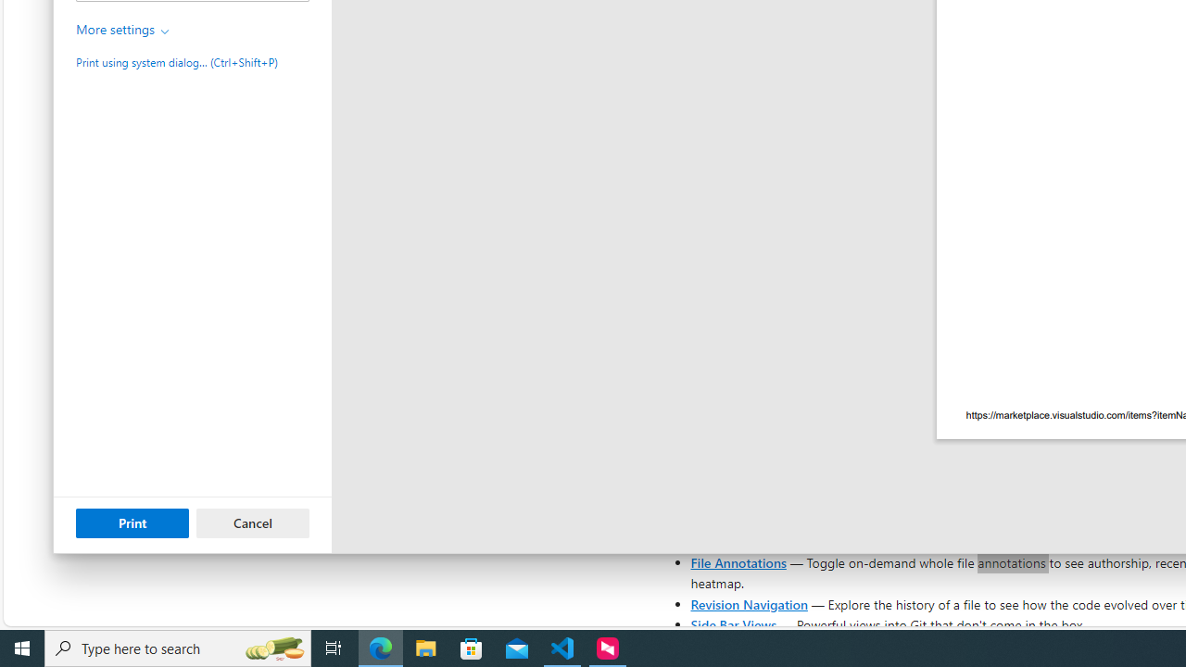 This screenshot has width=1186, height=667. Describe the element at coordinates (122, 30) in the screenshot. I see `'More settings'` at that location.